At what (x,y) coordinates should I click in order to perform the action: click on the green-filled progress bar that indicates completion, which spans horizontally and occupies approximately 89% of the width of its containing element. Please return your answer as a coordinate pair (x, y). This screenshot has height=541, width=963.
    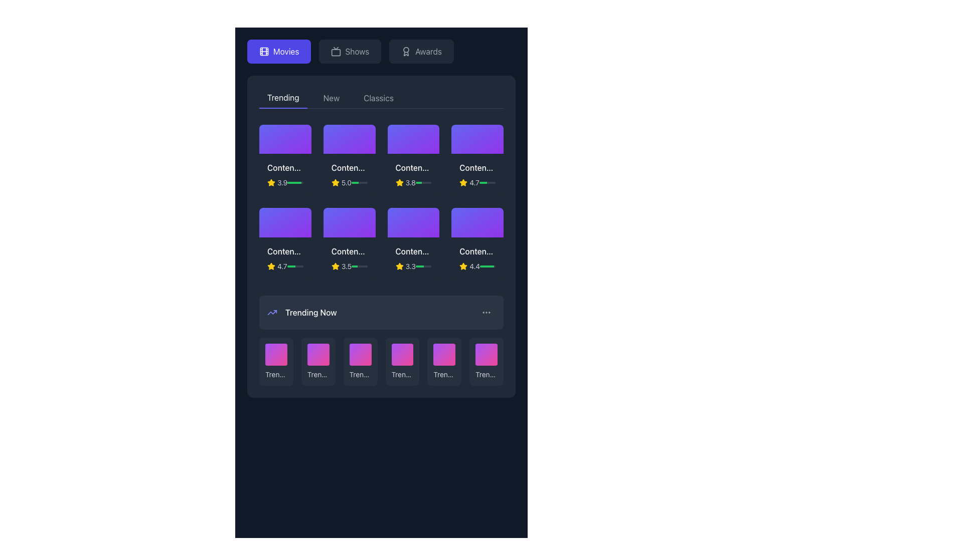
    Looking at the image, I should click on (294, 183).